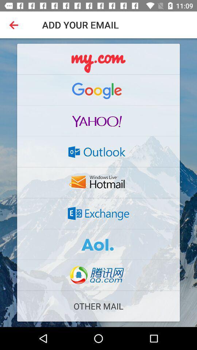  I want to click on open add link, so click(98, 59).